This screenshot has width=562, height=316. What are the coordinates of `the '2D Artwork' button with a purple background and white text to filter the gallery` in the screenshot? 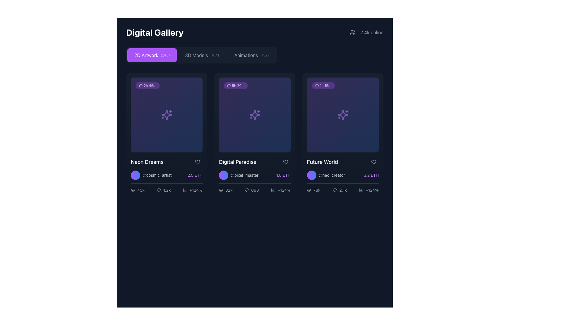 It's located at (152, 55).